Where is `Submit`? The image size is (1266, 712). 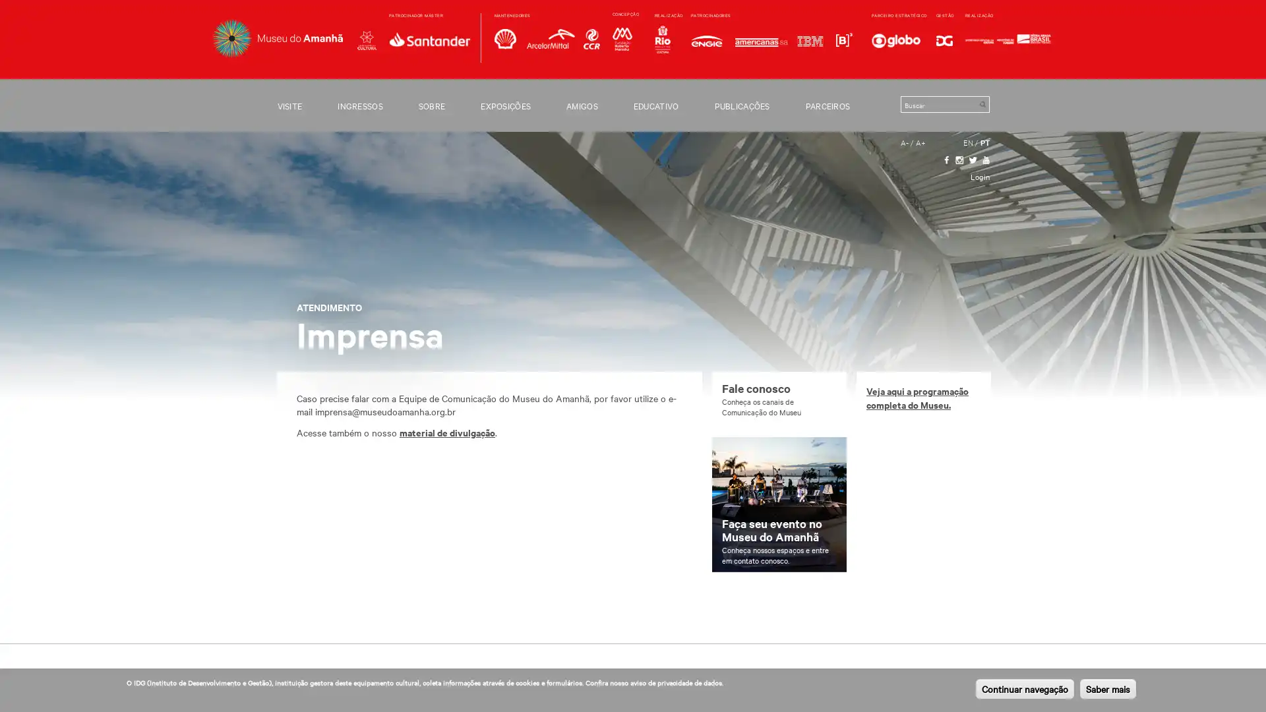 Submit is located at coordinates (982, 104).